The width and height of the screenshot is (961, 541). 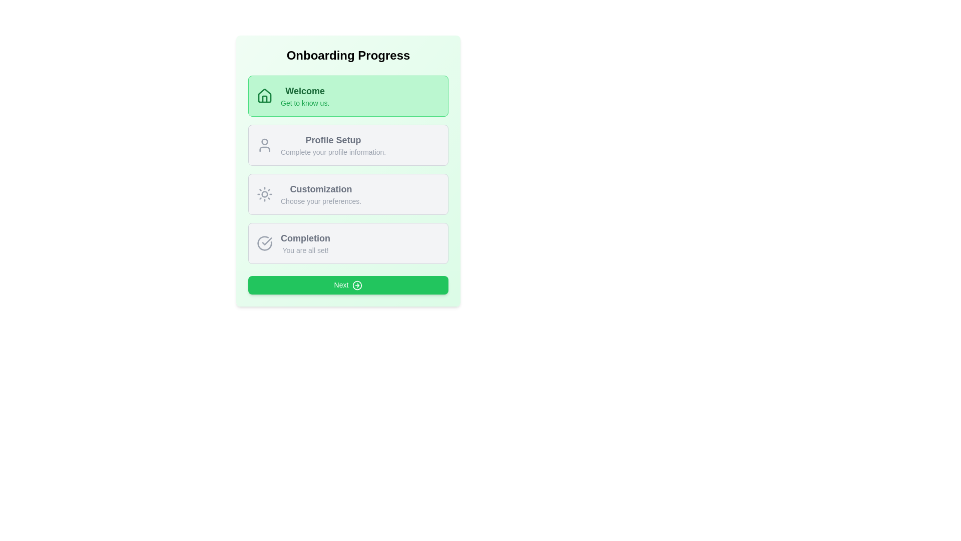 I want to click on the title text label for the 'Completion' step in the onboarding progress interface, which is located in the bottom section above the 'You are all set!' subtitle, so click(x=305, y=238).